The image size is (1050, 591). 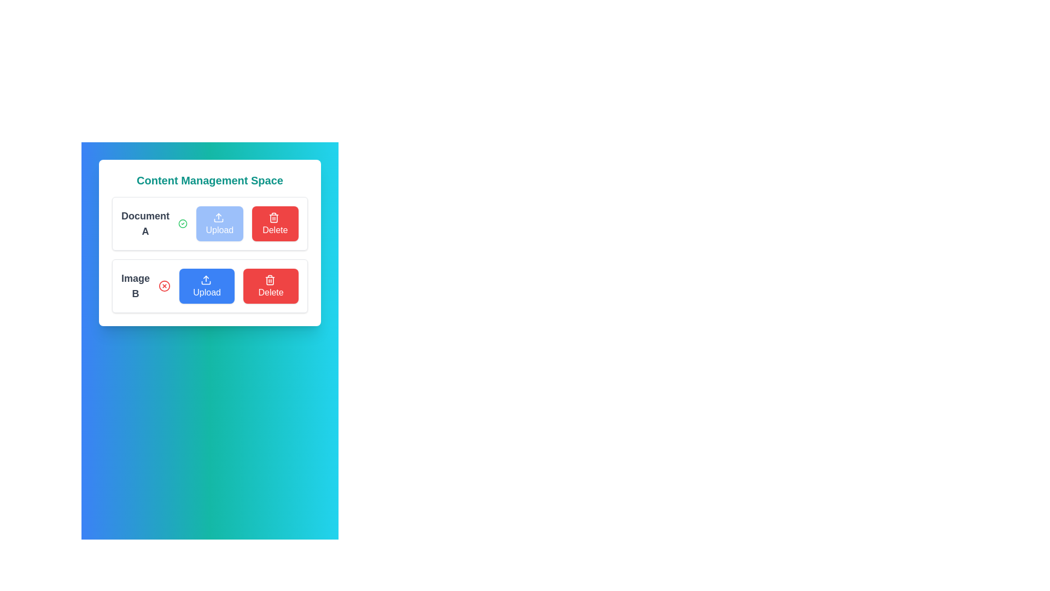 I want to click on the button for uploading files associated with 'Document A', so click(x=210, y=223).